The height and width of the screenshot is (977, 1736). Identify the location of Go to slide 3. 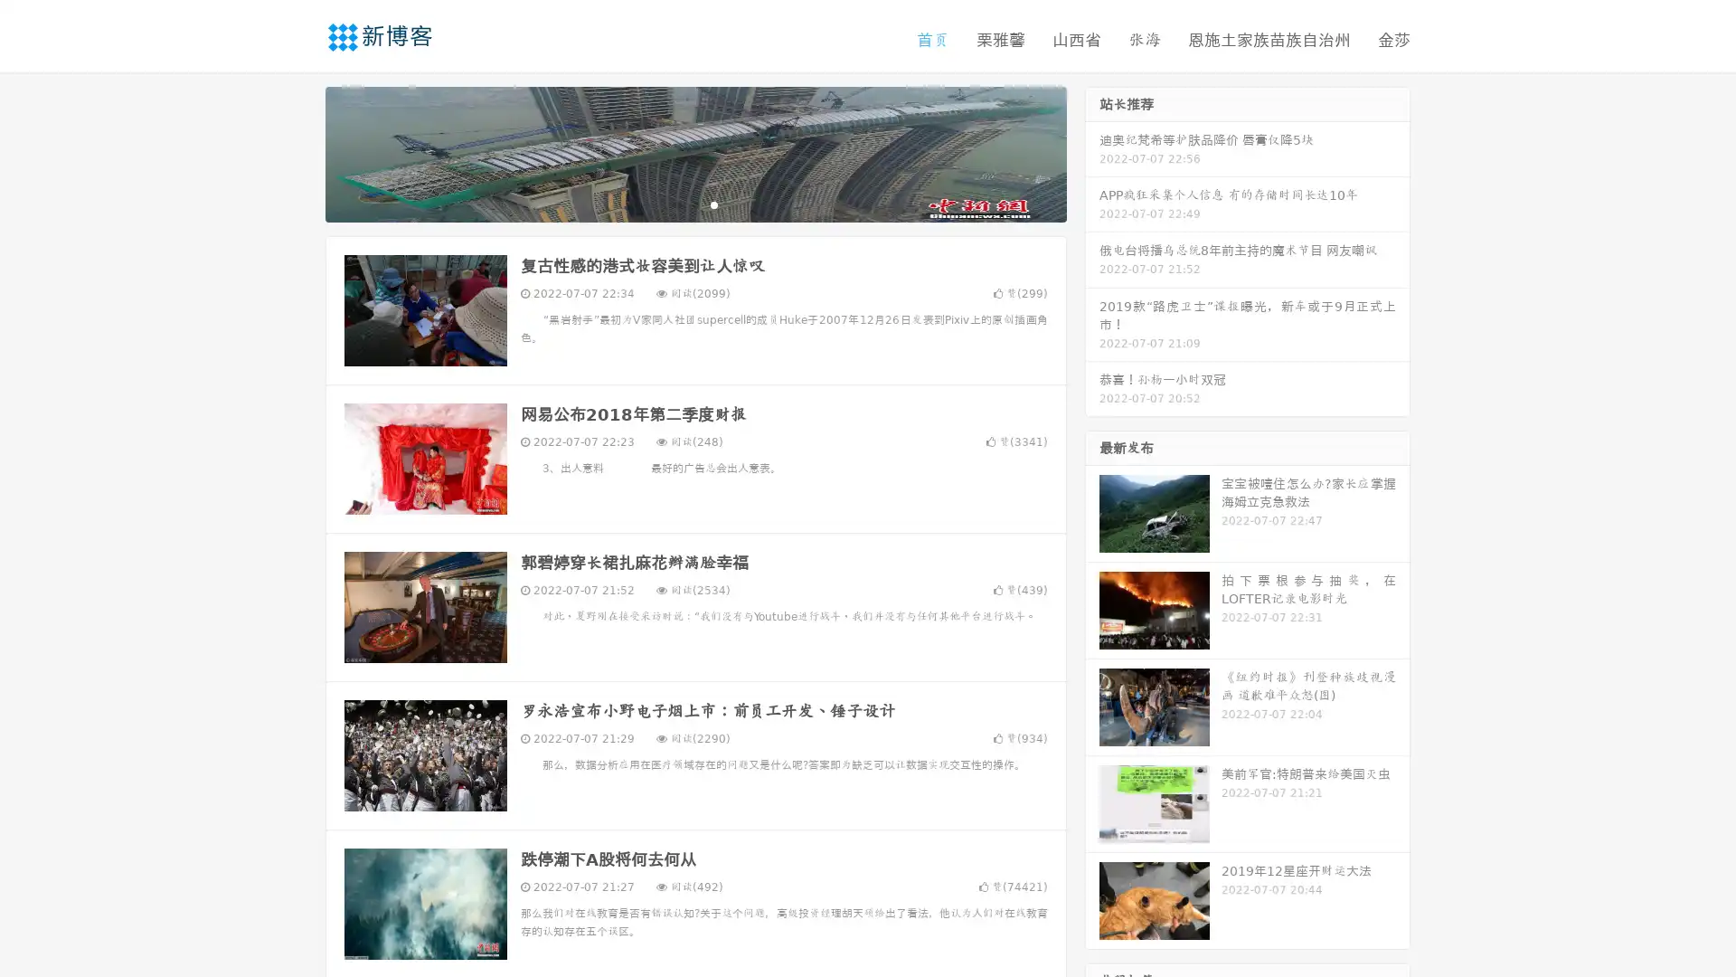
(713, 204).